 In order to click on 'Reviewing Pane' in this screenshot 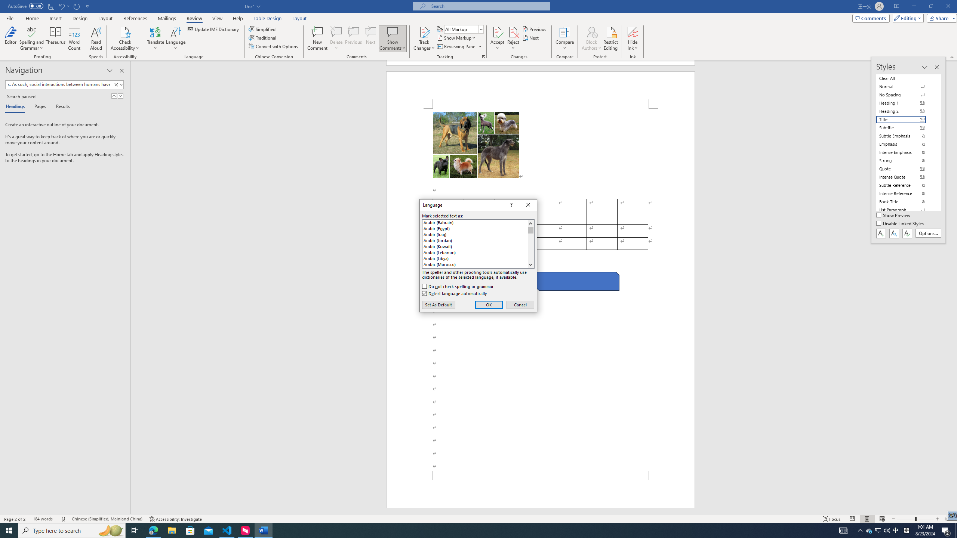, I will do `click(459, 46)`.